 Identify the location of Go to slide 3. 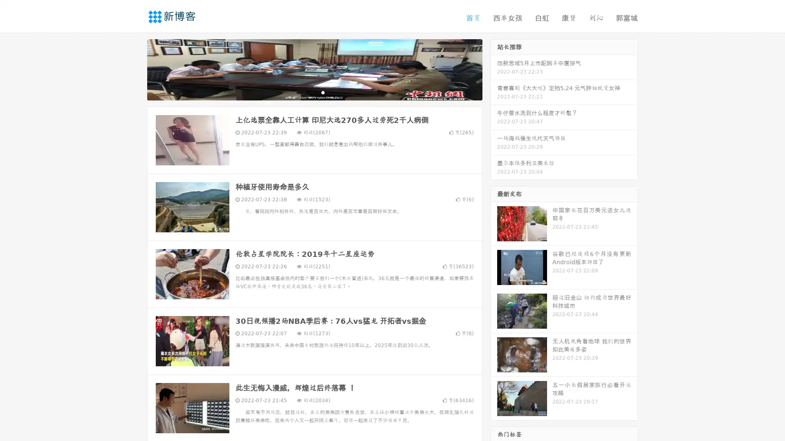
(323, 92).